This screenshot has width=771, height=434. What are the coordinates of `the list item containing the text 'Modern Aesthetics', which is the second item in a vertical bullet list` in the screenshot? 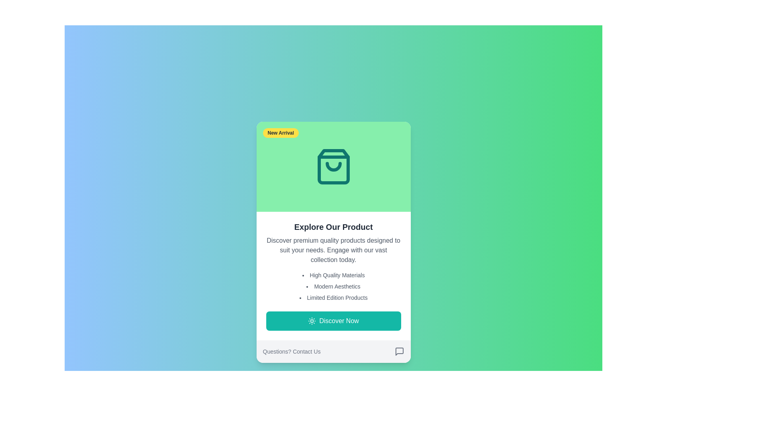 It's located at (333, 286).